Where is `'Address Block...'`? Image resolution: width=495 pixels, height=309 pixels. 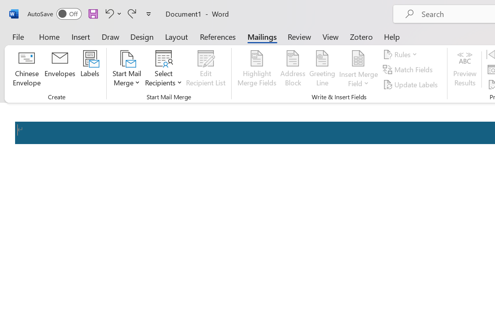
'Address Block...' is located at coordinates (292, 69).